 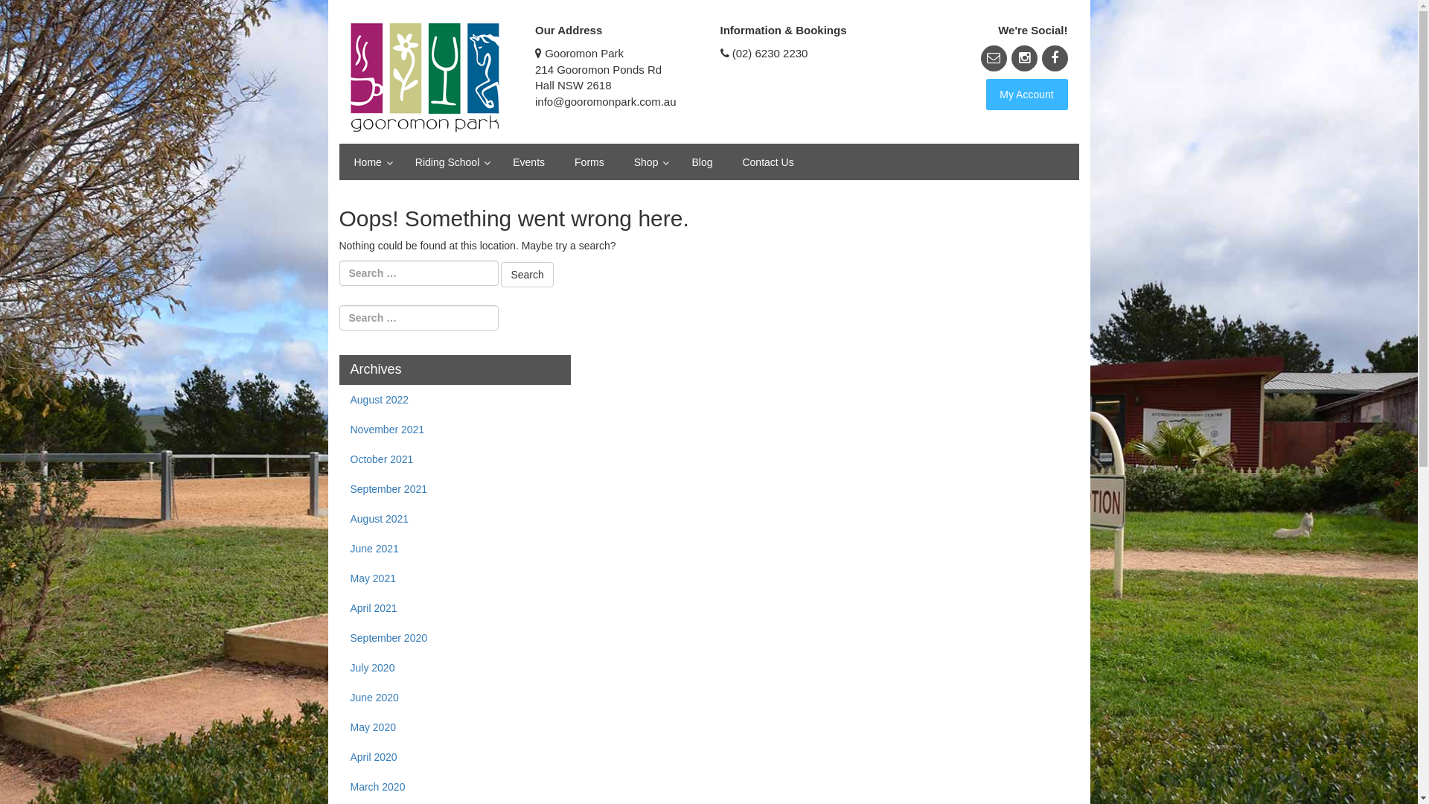 I want to click on 'August 2021', so click(x=339, y=518).